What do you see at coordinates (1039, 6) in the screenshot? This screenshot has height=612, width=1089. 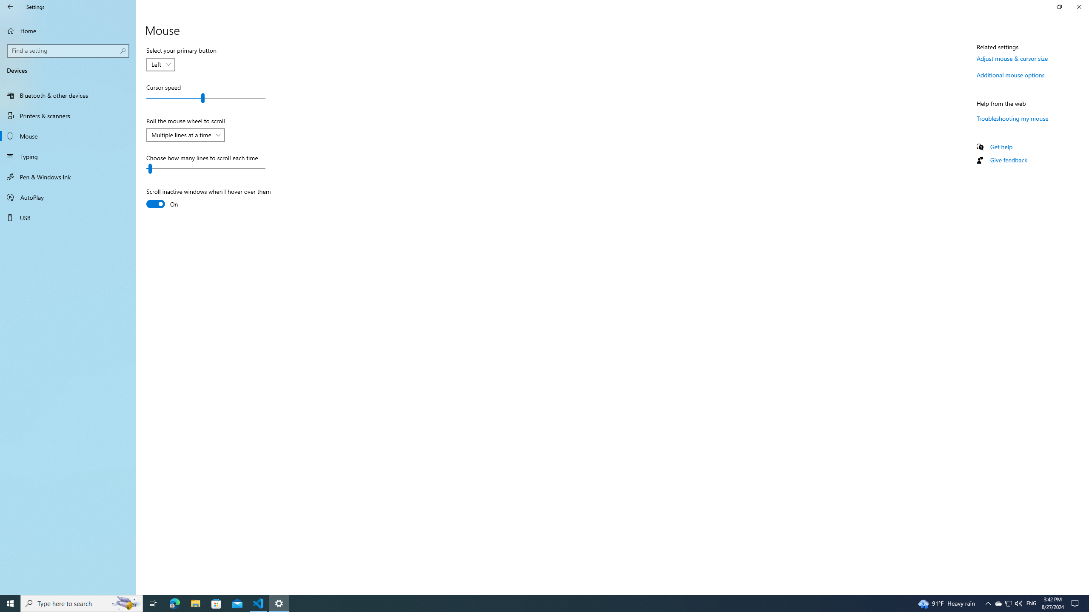 I see `'Minimize Settings'` at bounding box center [1039, 6].